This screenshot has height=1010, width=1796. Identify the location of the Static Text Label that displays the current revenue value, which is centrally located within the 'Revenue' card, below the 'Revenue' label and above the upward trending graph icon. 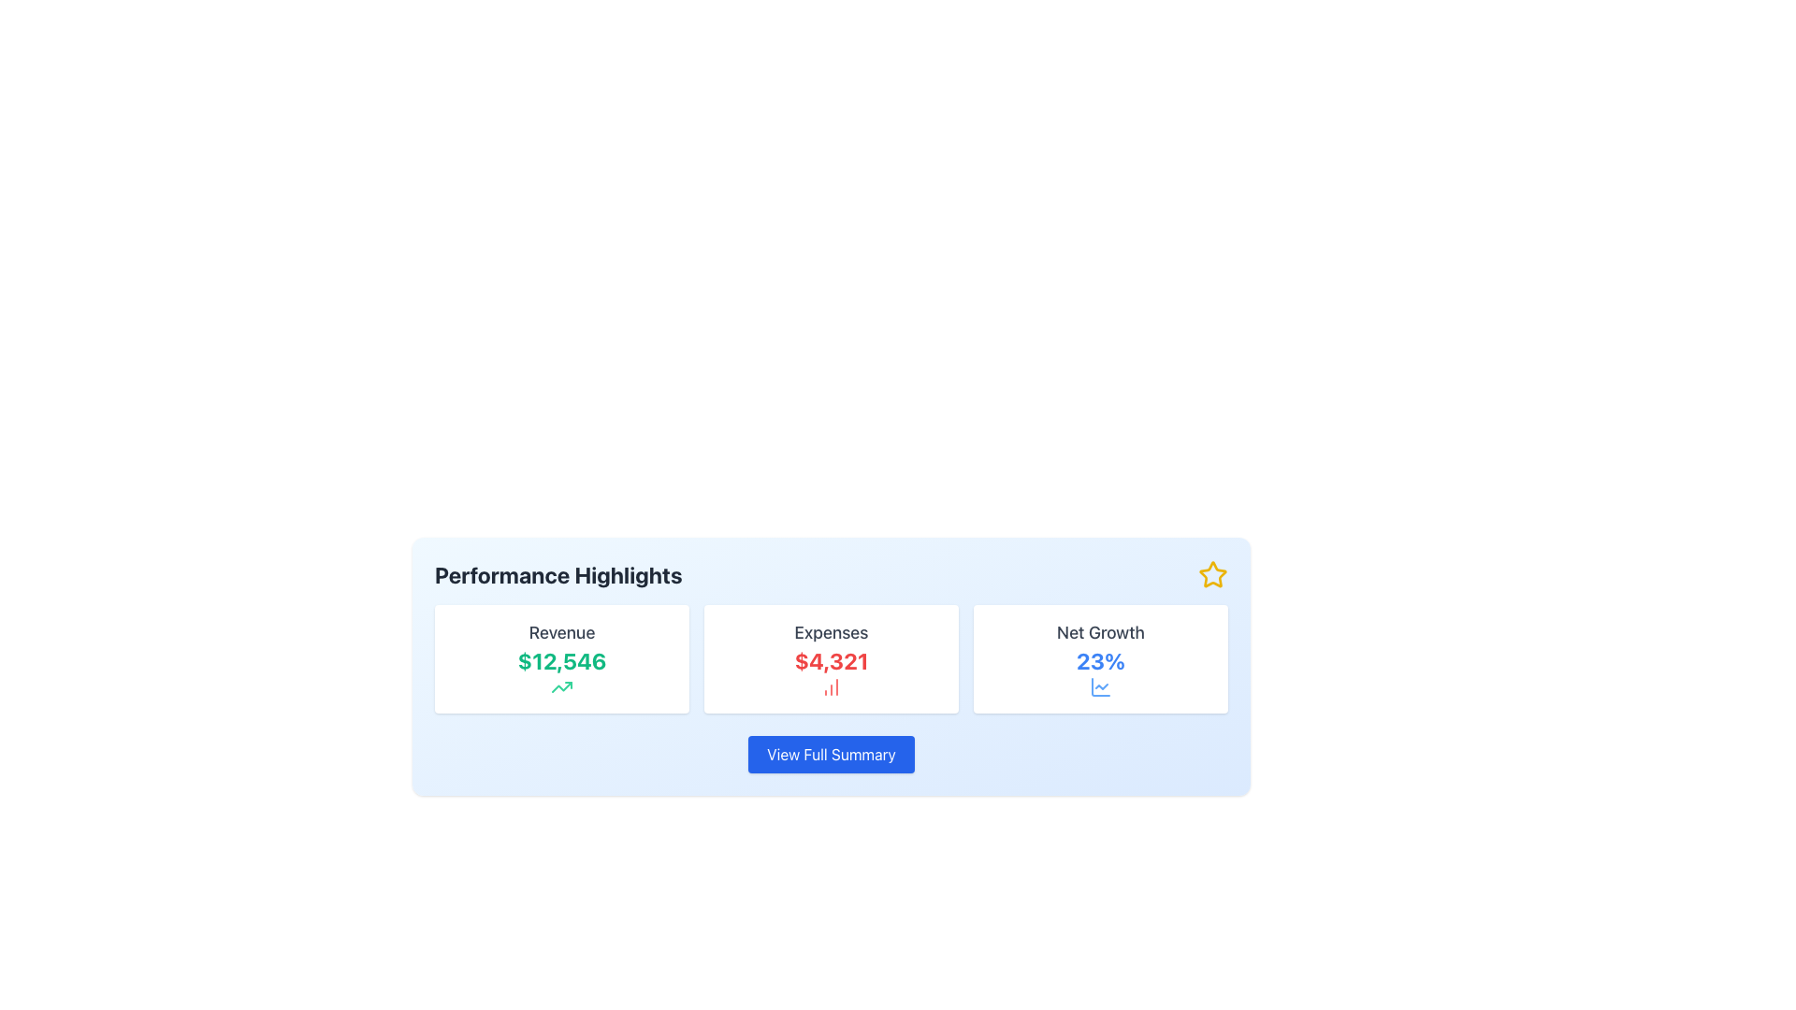
(560, 659).